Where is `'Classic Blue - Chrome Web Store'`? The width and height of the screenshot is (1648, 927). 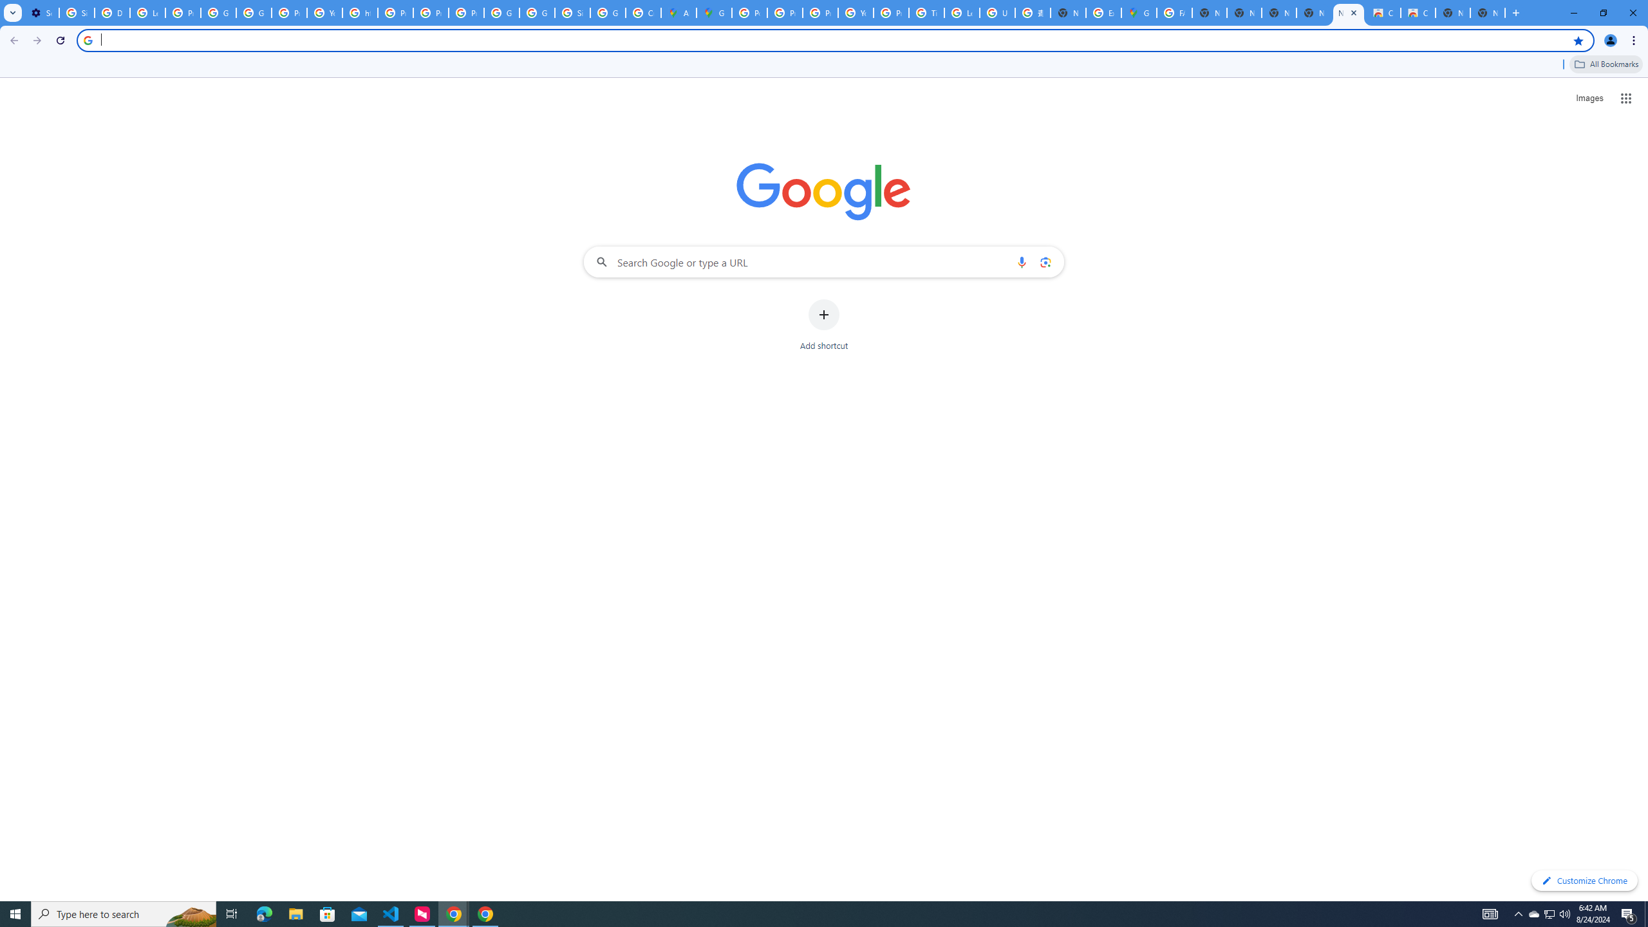 'Classic Blue - Chrome Web Store' is located at coordinates (1383, 12).